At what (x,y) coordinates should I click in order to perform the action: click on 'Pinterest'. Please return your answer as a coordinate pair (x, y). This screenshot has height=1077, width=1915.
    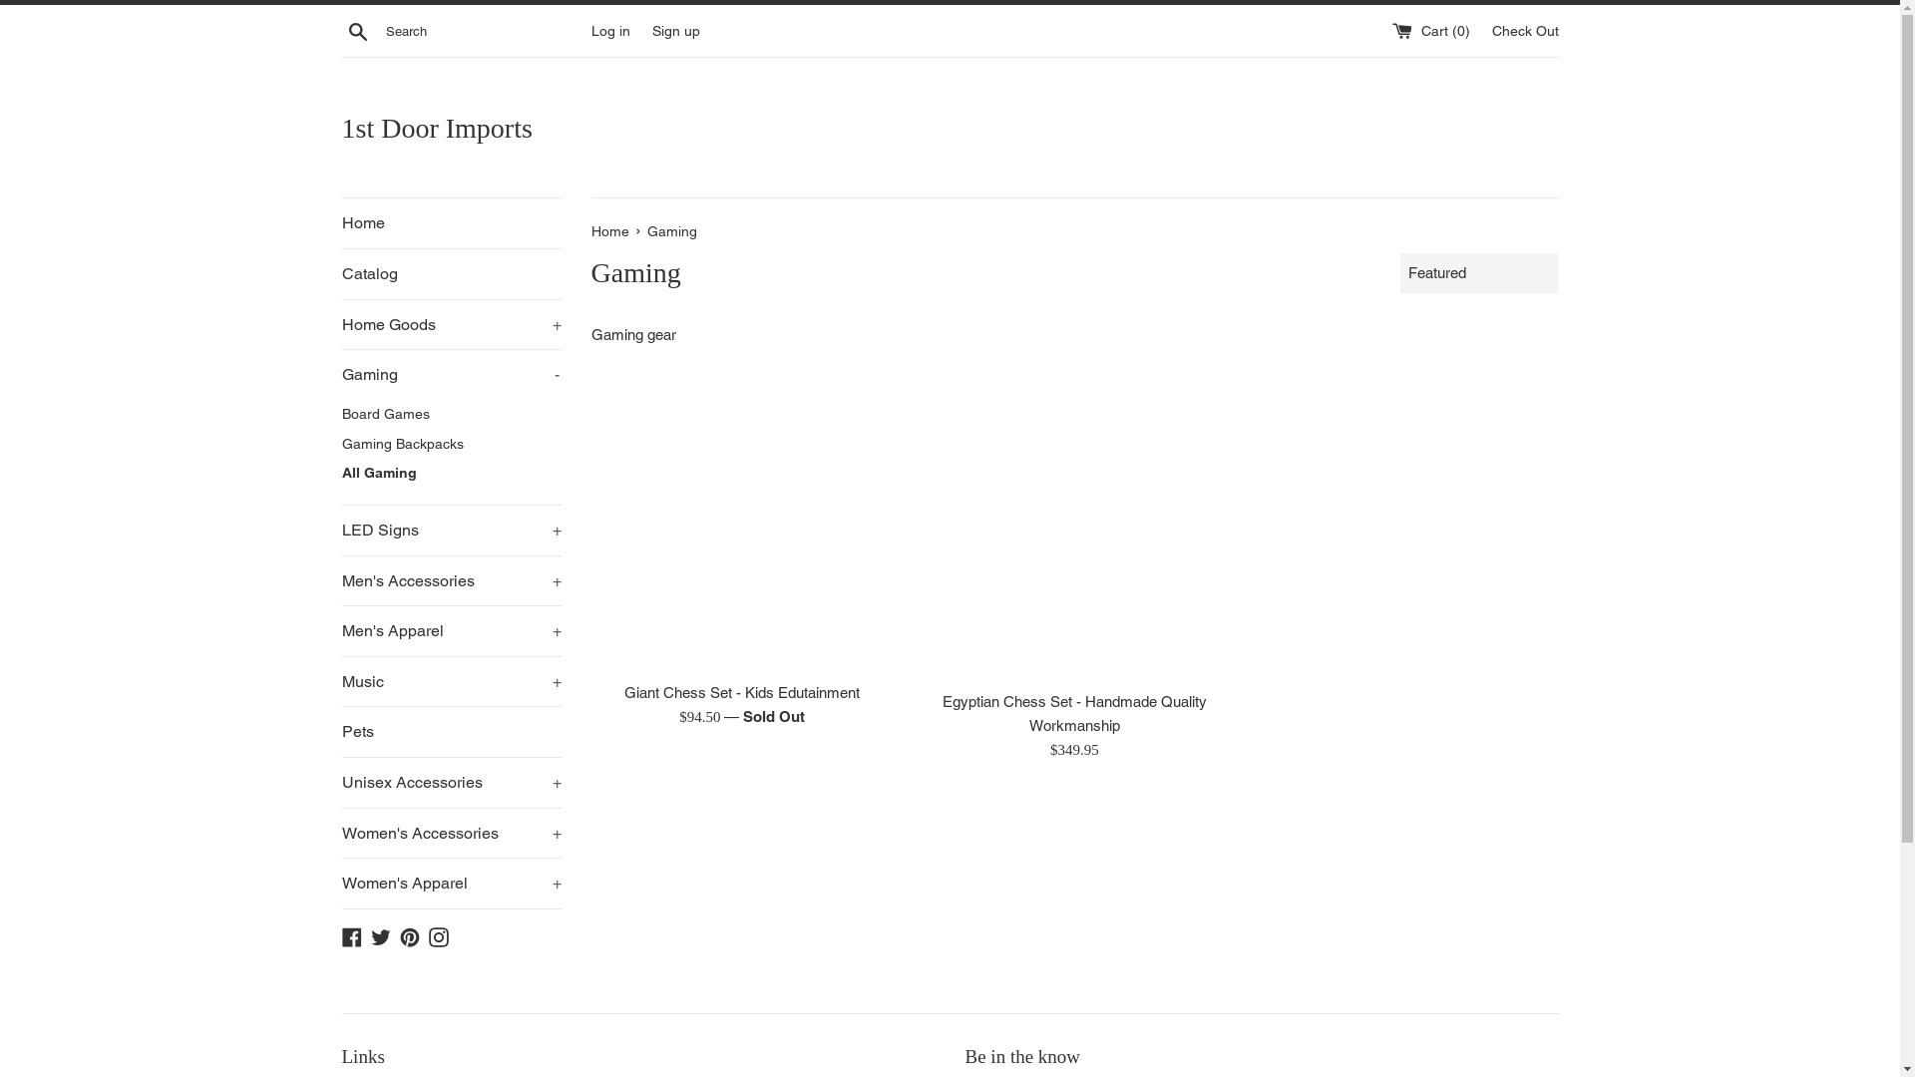
    Looking at the image, I should click on (407, 935).